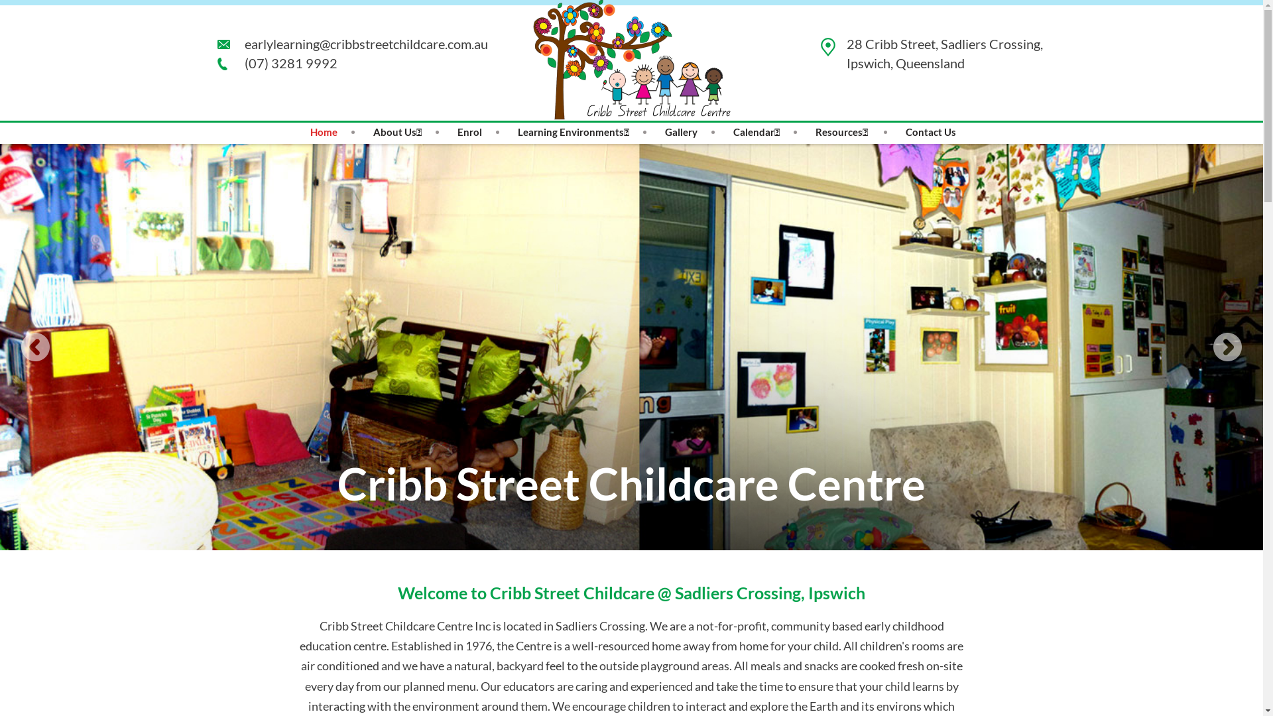 The width and height of the screenshot is (1273, 716). Describe the element at coordinates (324, 132) in the screenshot. I see `'Home'` at that location.